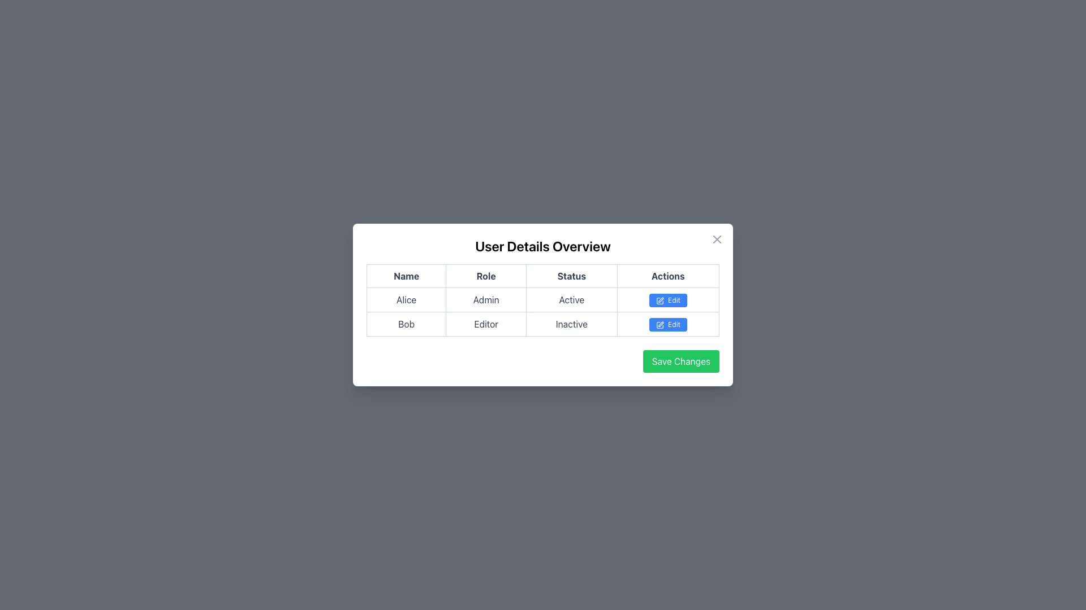  I want to click on the button in the 'Actions' column of the second row in the 'User Details Overview' section, so click(667, 324).